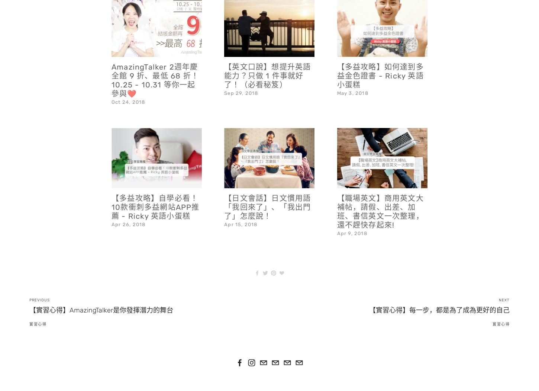 This screenshot has height=391, width=539. Describe the element at coordinates (336, 74) in the screenshot. I see `'May 3, 2018'` at that location.